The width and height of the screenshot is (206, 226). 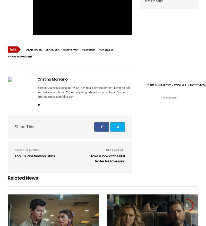 What do you see at coordinates (161, 97) in the screenshot?
I see `'Advertisement'` at bounding box center [161, 97].